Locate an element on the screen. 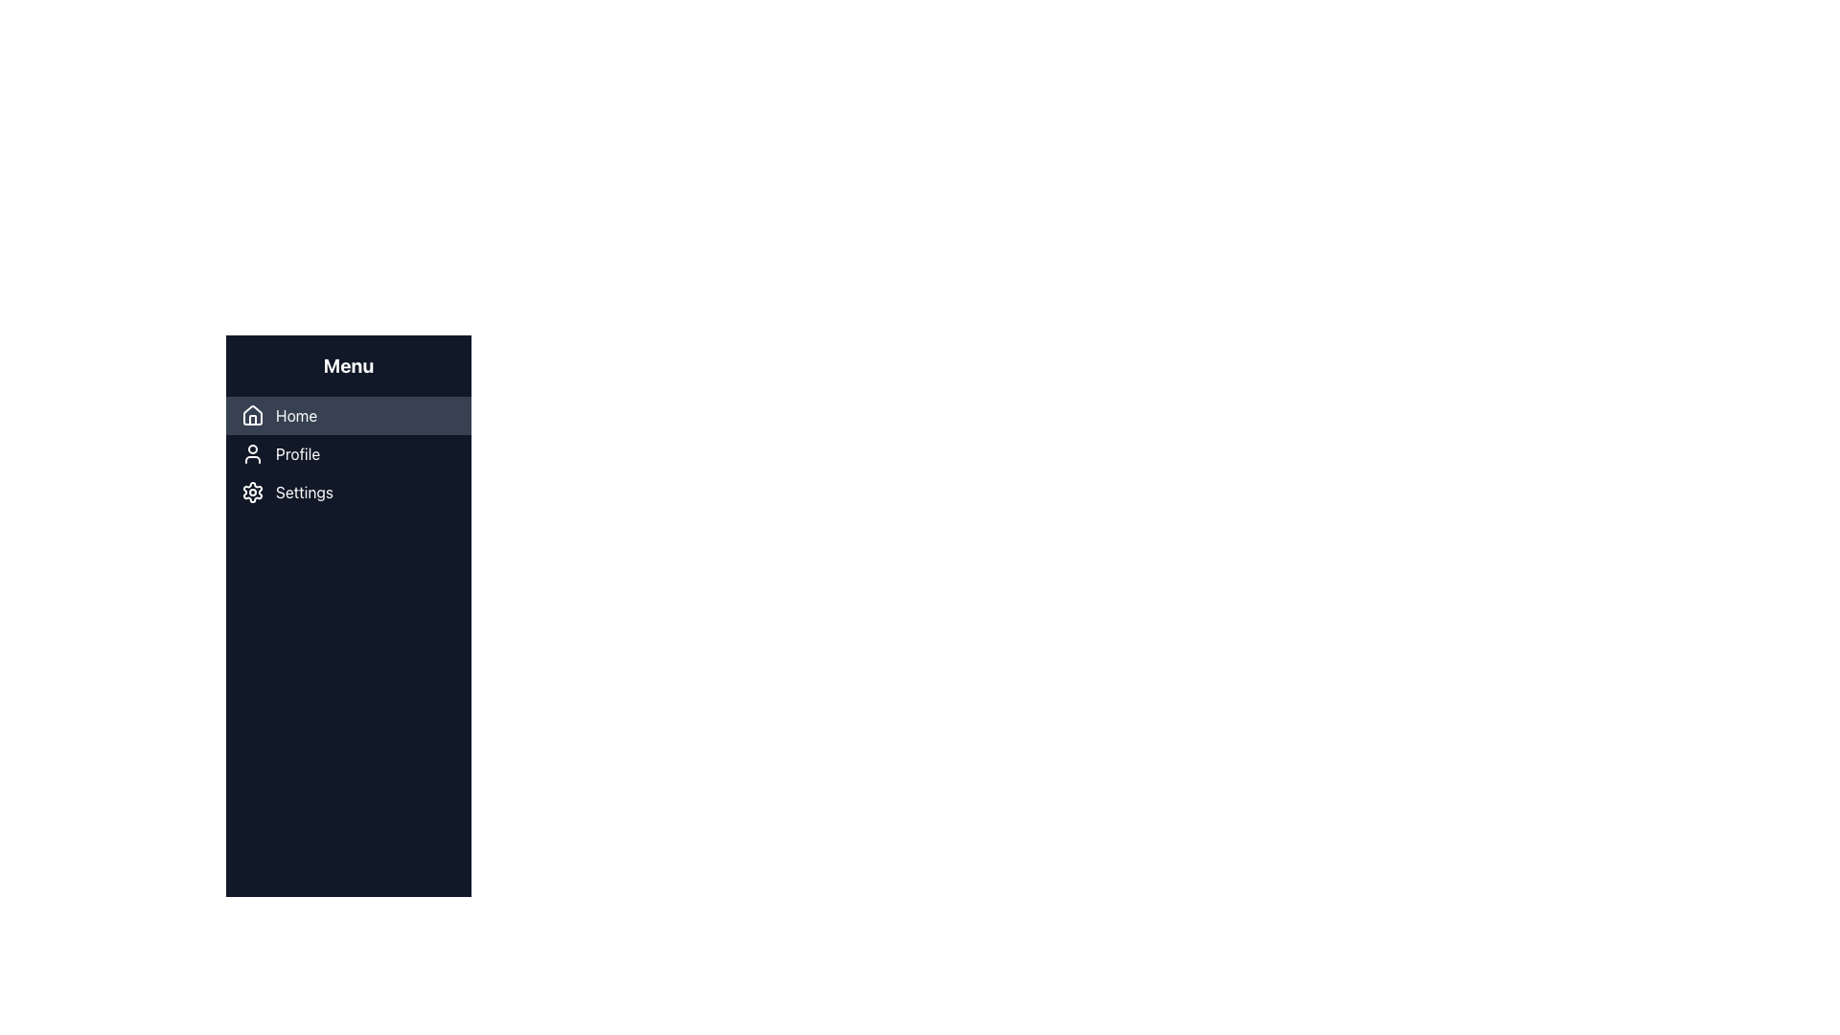 This screenshot has height=1035, width=1840. the 'Profile' text label, which is the second menu item in the application menu is located at coordinates (297, 454).